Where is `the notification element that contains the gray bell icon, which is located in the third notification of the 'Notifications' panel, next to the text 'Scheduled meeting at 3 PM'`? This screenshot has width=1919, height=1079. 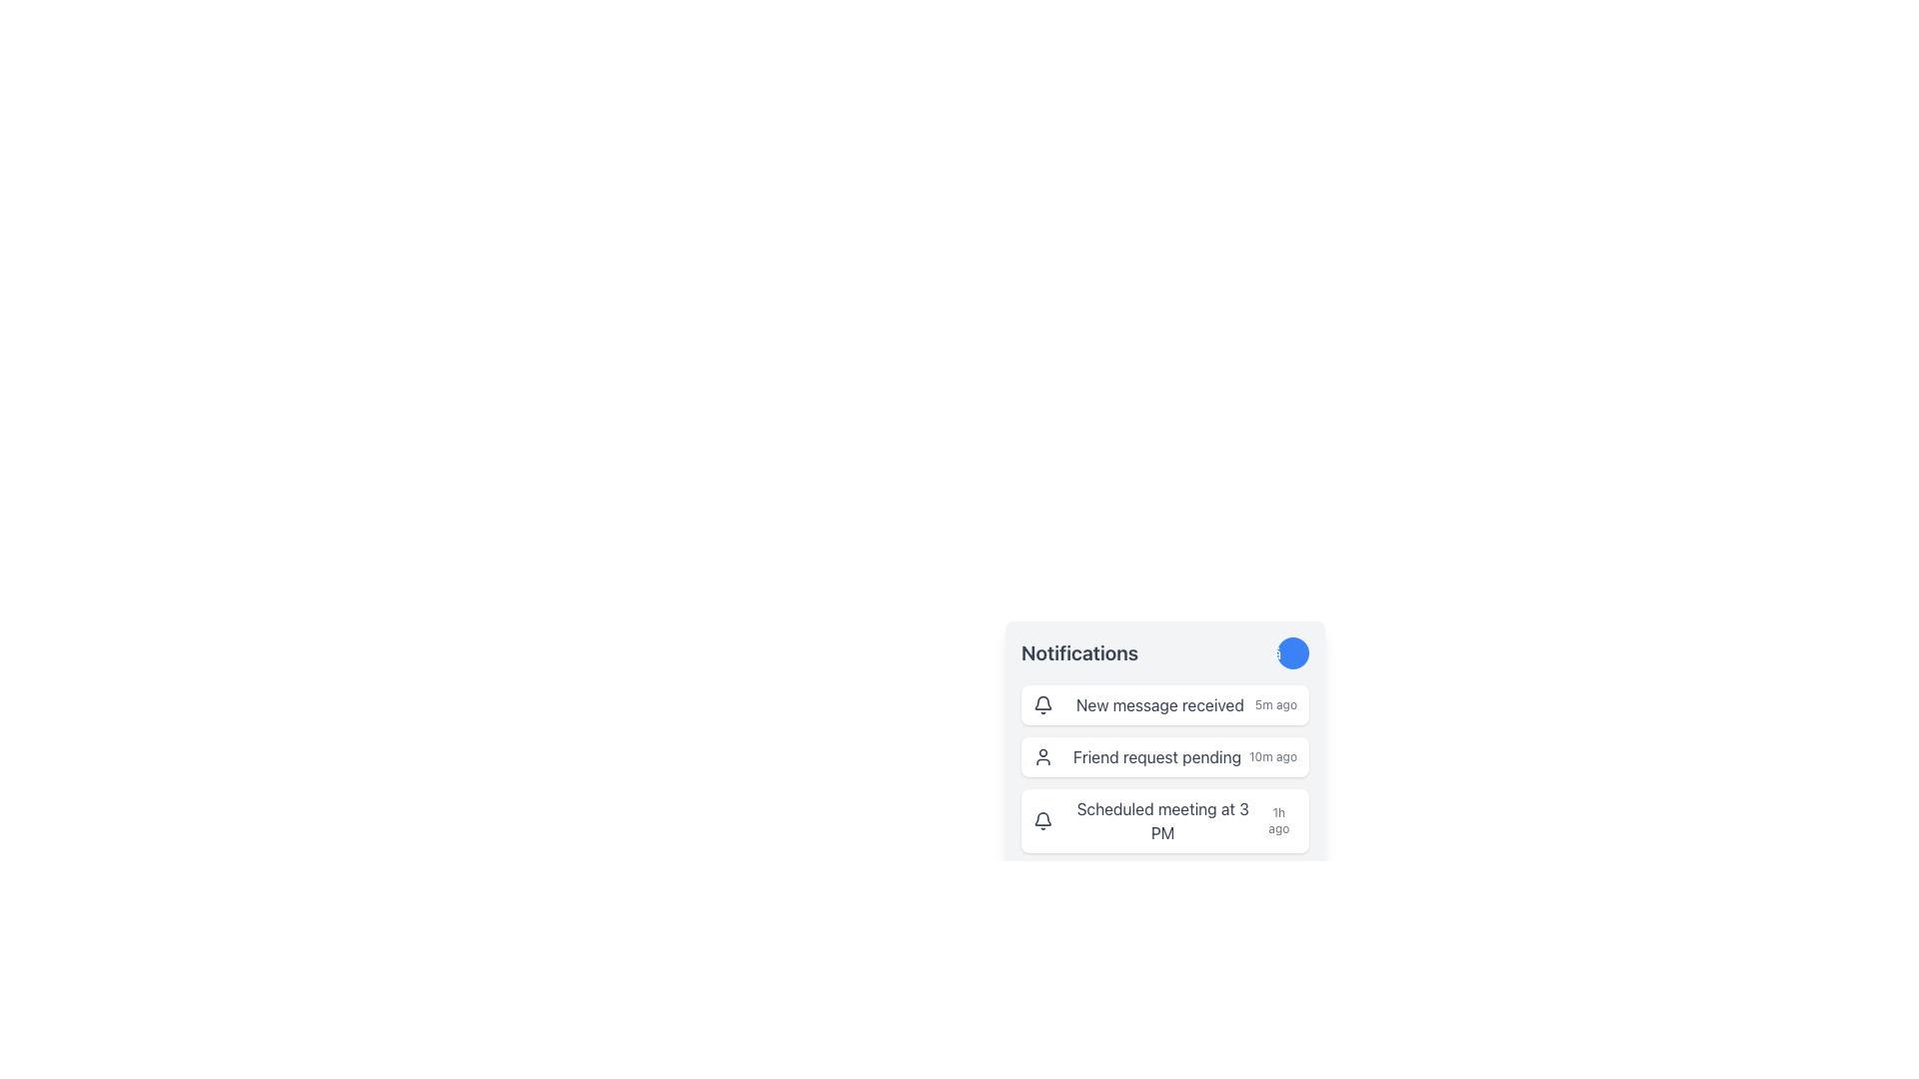
the notification element that contains the gray bell icon, which is located in the third notification of the 'Notifications' panel, next to the text 'Scheduled meeting at 3 PM' is located at coordinates (1041, 820).